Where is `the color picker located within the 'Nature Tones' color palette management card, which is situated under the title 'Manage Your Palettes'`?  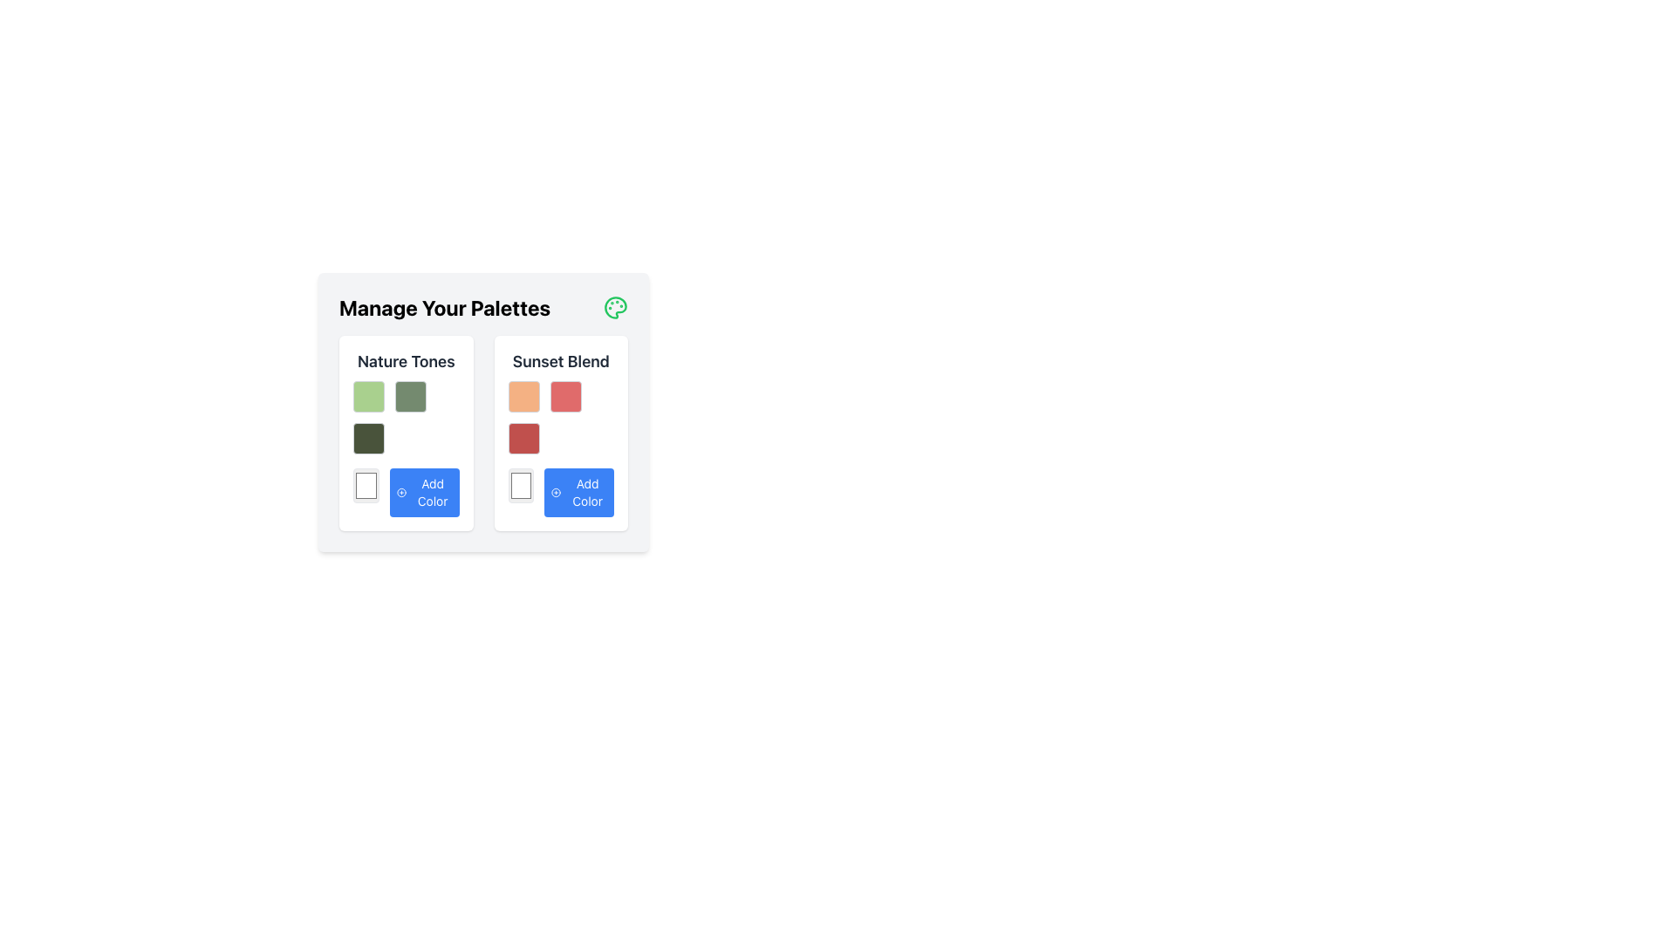 the color picker located within the 'Nature Tones' color palette management card, which is situated under the title 'Manage Your Palettes' is located at coordinates (405, 433).